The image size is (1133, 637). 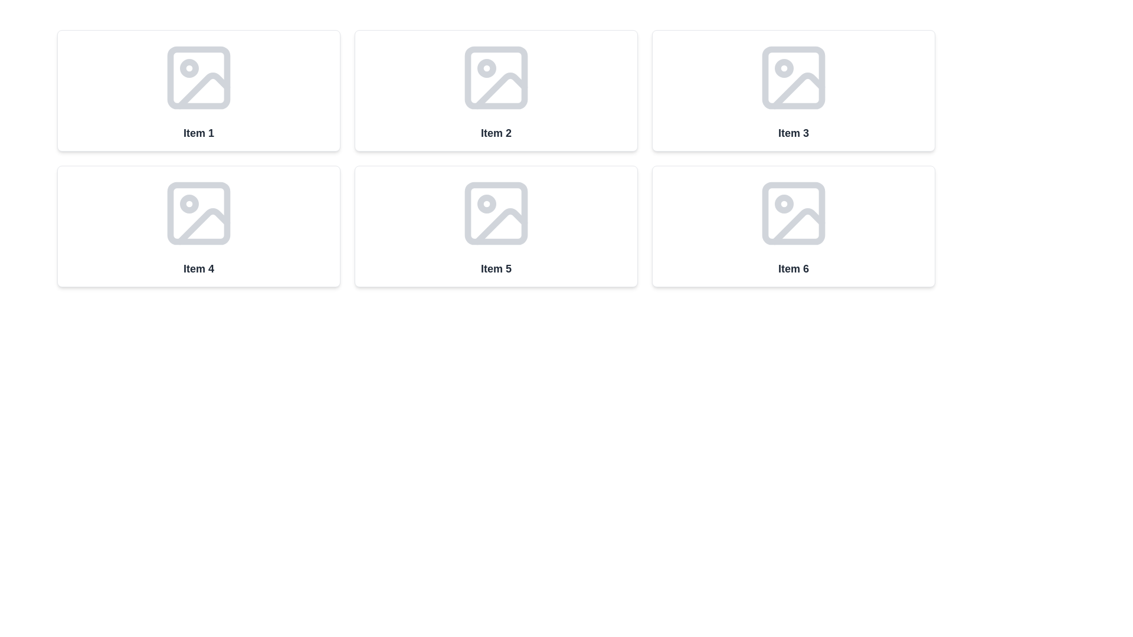 I want to click on the decorative rectangular shape within the image placeholder icon, which visually represents part of an image and indicates incomplete content, so click(x=793, y=77).